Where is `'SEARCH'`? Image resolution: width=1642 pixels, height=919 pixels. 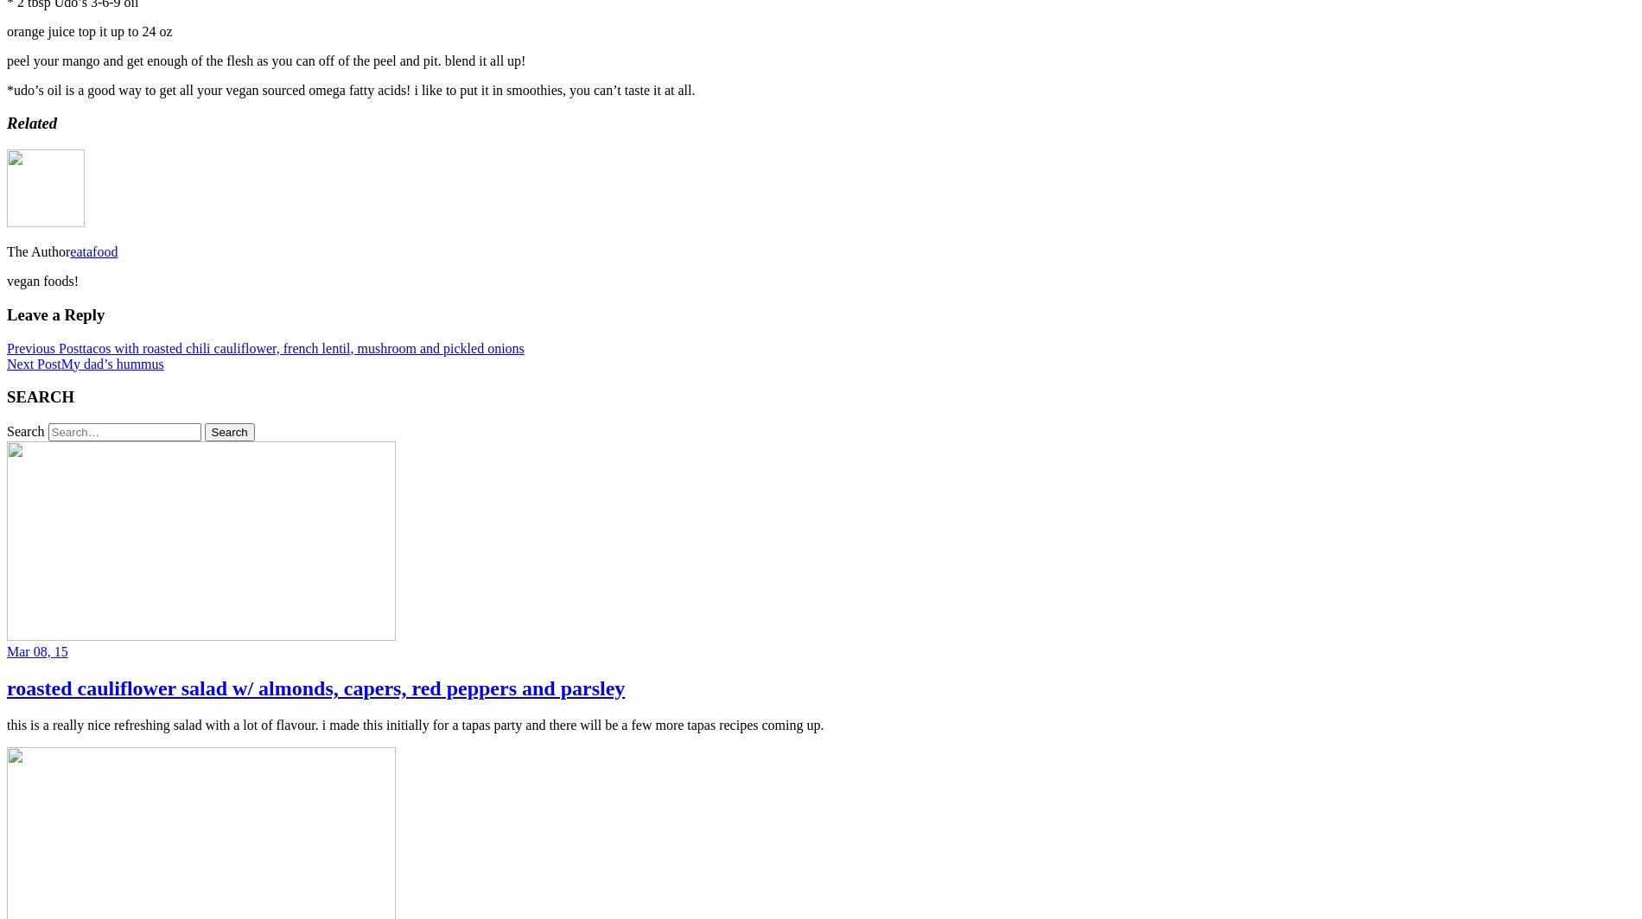 'SEARCH' is located at coordinates (40, 396).